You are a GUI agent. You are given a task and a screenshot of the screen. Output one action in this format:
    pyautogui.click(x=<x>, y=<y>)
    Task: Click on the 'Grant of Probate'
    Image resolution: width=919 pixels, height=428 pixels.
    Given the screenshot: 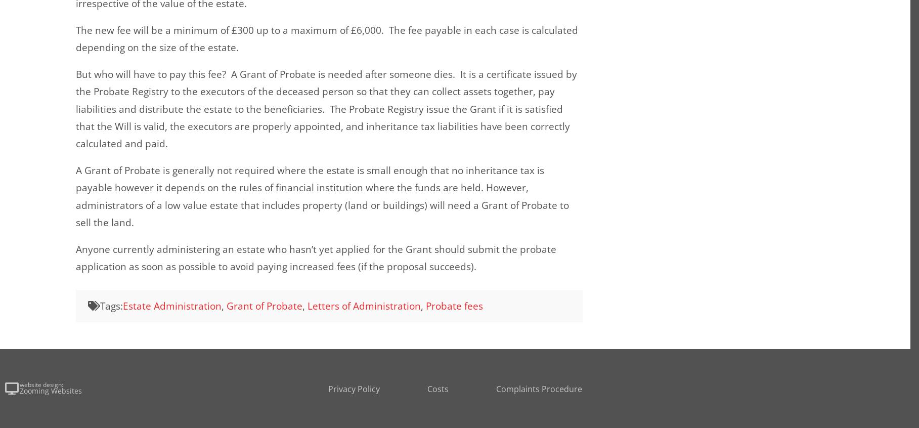 What is the action you would take?
    pyautogui.click(x=264, y=305)
    